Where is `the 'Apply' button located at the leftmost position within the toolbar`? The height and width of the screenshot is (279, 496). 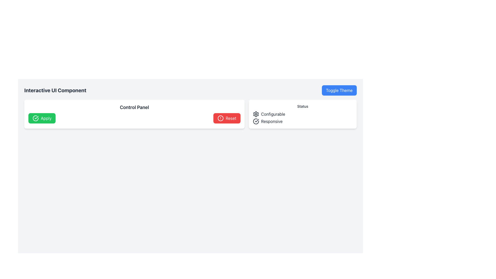 the 'Apply' button located at the leftmost position within the toolbar is located at coordinates (42, 118).